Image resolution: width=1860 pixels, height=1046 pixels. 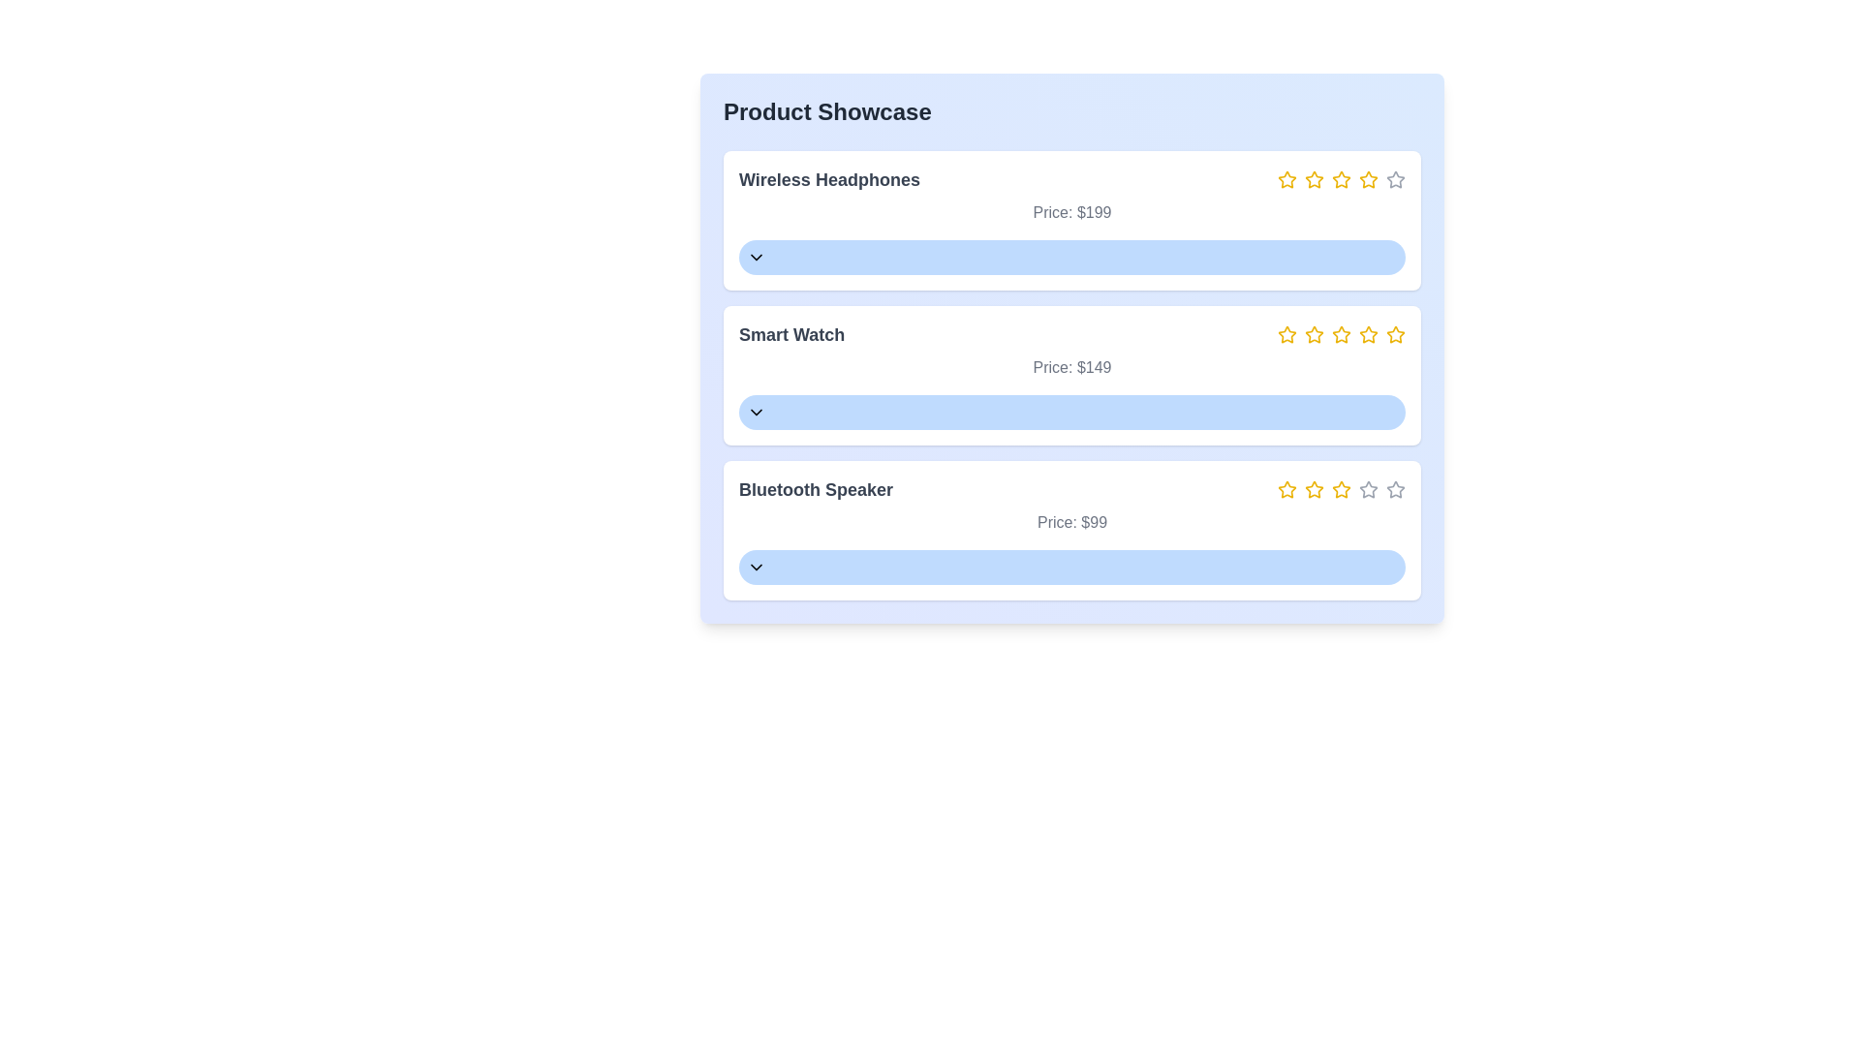 What do you see at coordinates (1071, 212) in the screenshot?
I see `the informational text label displaying the price of the product, which is $199, located in the first card under the 'Wireless Headphones' header` at bounding box center [1071, 212].